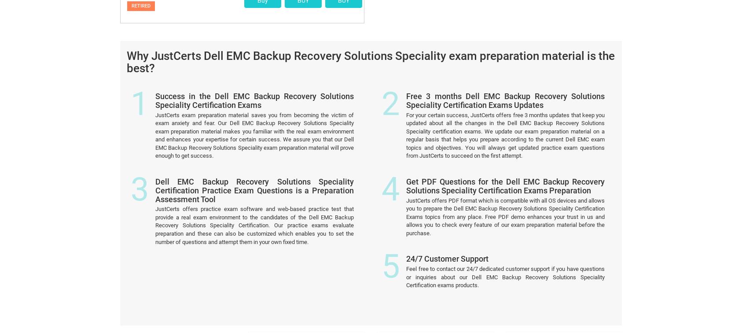  What do you see at coordinates (405, 303) in the screenshot?
I see `'C_TS460_2022'` at bounding box center [405, 303].